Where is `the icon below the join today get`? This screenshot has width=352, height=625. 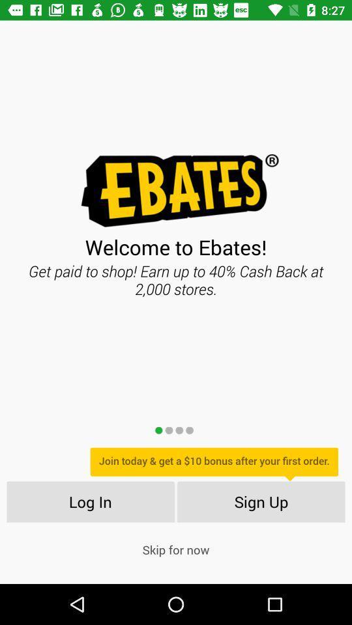 the icon below the join today get is located at coordinates (261, 501).